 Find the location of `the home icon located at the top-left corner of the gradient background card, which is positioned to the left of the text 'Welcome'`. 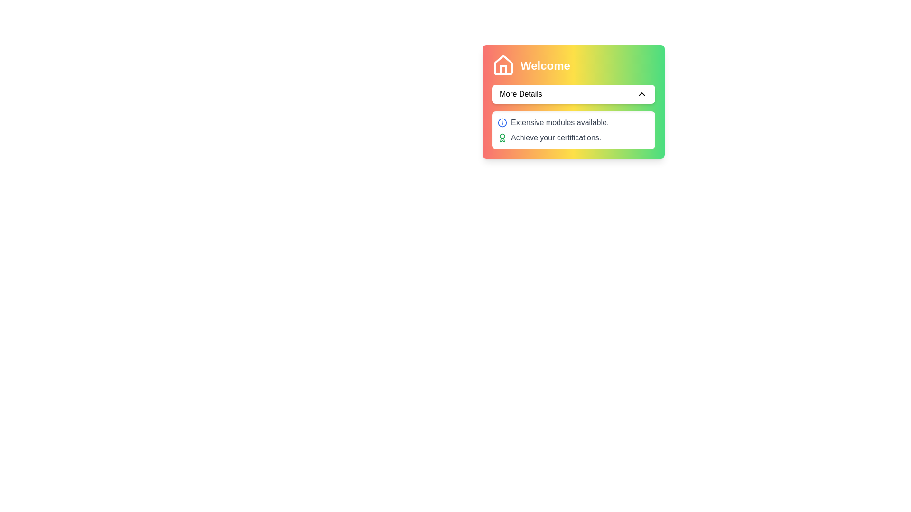

the home icon located at the top-left corner of the gradient background card, which is positioned to the left of the text 'Welcome' is located at coordinates (502, 65).